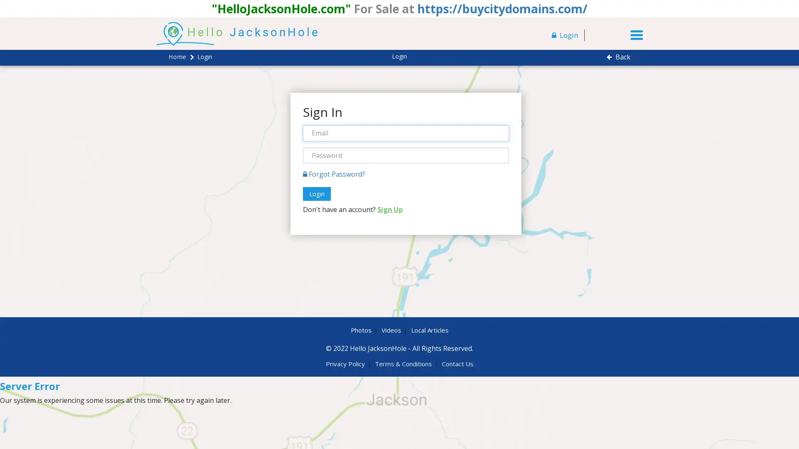 Image resolution: width=799 pixels, height=449 pixels. Describe the element at coordinates (316, 194) in the screenshot. I see `Login` at that location.